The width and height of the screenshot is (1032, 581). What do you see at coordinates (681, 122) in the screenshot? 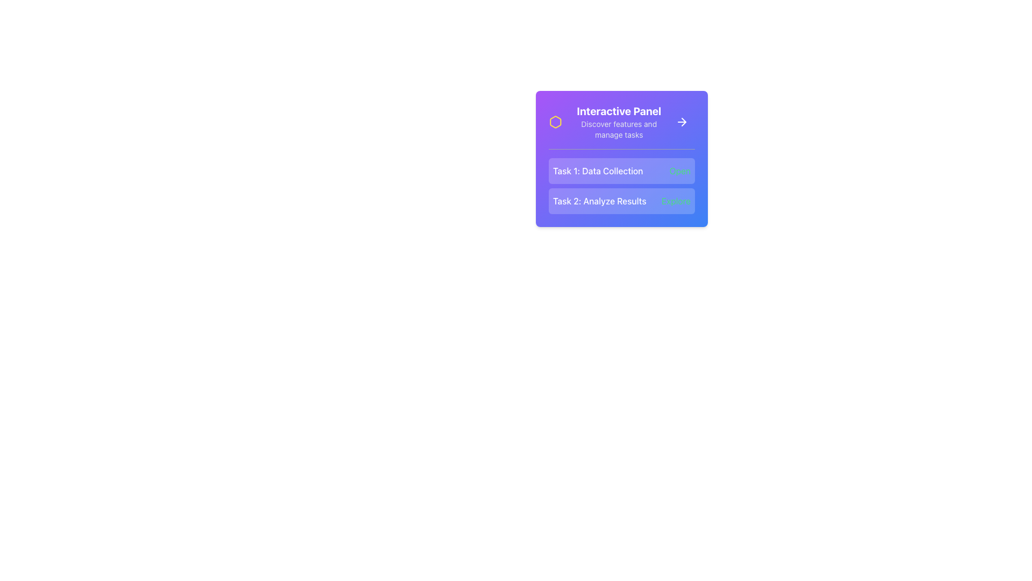
I see `the rightward-pointing arrow icon button, which is white outlined against a purple background and located in the top-right corner of the interactive panel` at bounding box center [681, 122].